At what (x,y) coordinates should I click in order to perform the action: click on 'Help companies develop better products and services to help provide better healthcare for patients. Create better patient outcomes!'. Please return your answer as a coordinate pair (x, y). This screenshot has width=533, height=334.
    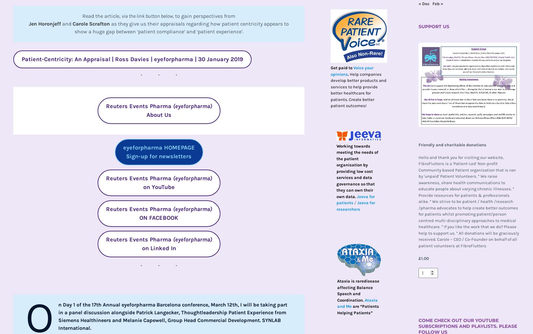
    Looking at the image, I should click on (358, 90).